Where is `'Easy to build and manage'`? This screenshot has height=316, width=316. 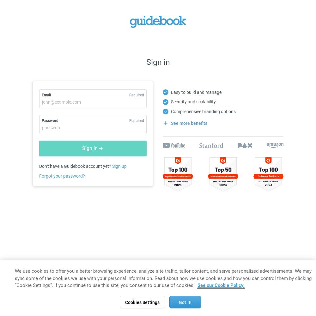 'Easy to build and manage' is located at coordinates (196, 92).